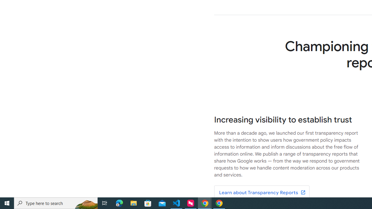  I want to click on 'Go to Transparency Report About web page', so click(261, 193).